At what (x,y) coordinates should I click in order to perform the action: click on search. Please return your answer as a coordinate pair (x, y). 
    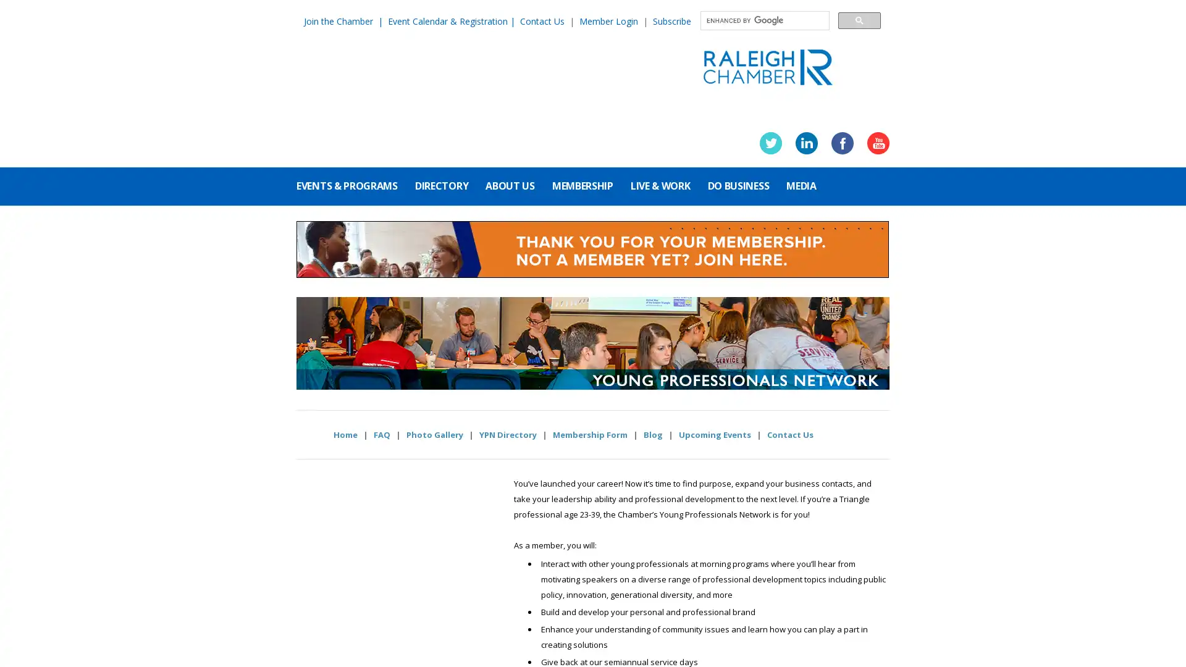
    Looking at the image, I should click on (859, 20).